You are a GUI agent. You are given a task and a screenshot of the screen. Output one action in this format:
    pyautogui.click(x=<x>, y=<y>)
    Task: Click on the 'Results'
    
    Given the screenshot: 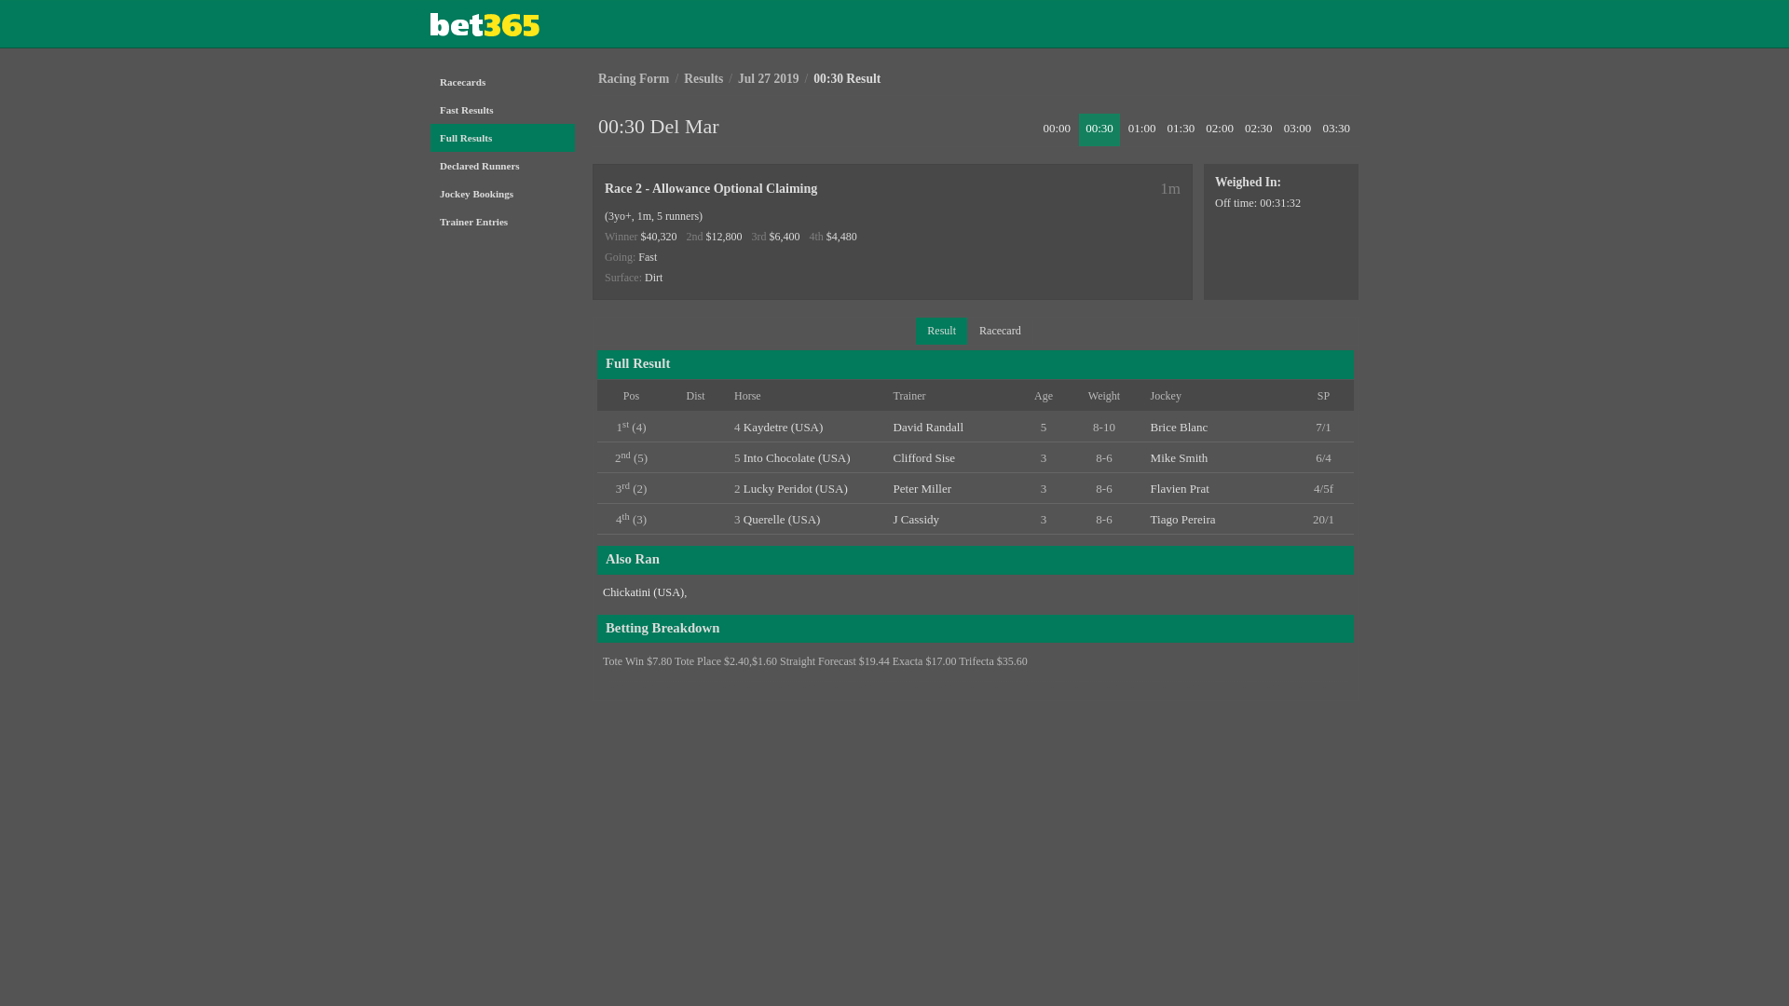 What is the action you would take?
    pyautogui.click(x=702, y=77)
    